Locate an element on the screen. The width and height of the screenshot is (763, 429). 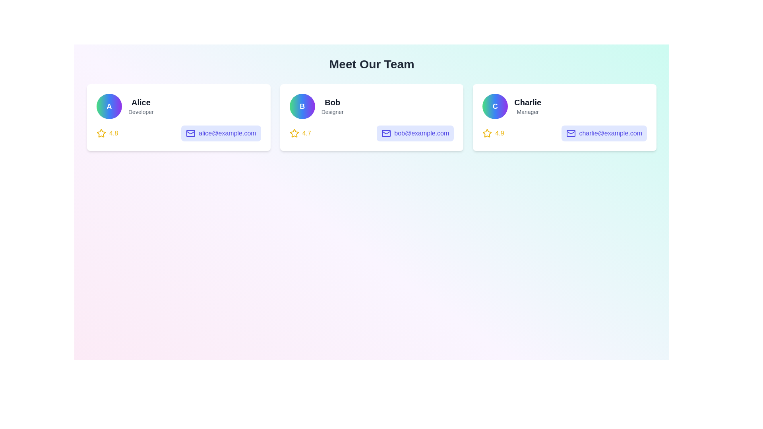
the envelope icon, which is a minimalist line drawing located to the left of the email address 'charlie@example.com' in the 'Meet Our Team' section under Charlie's card is located at coordinates (571, 133).